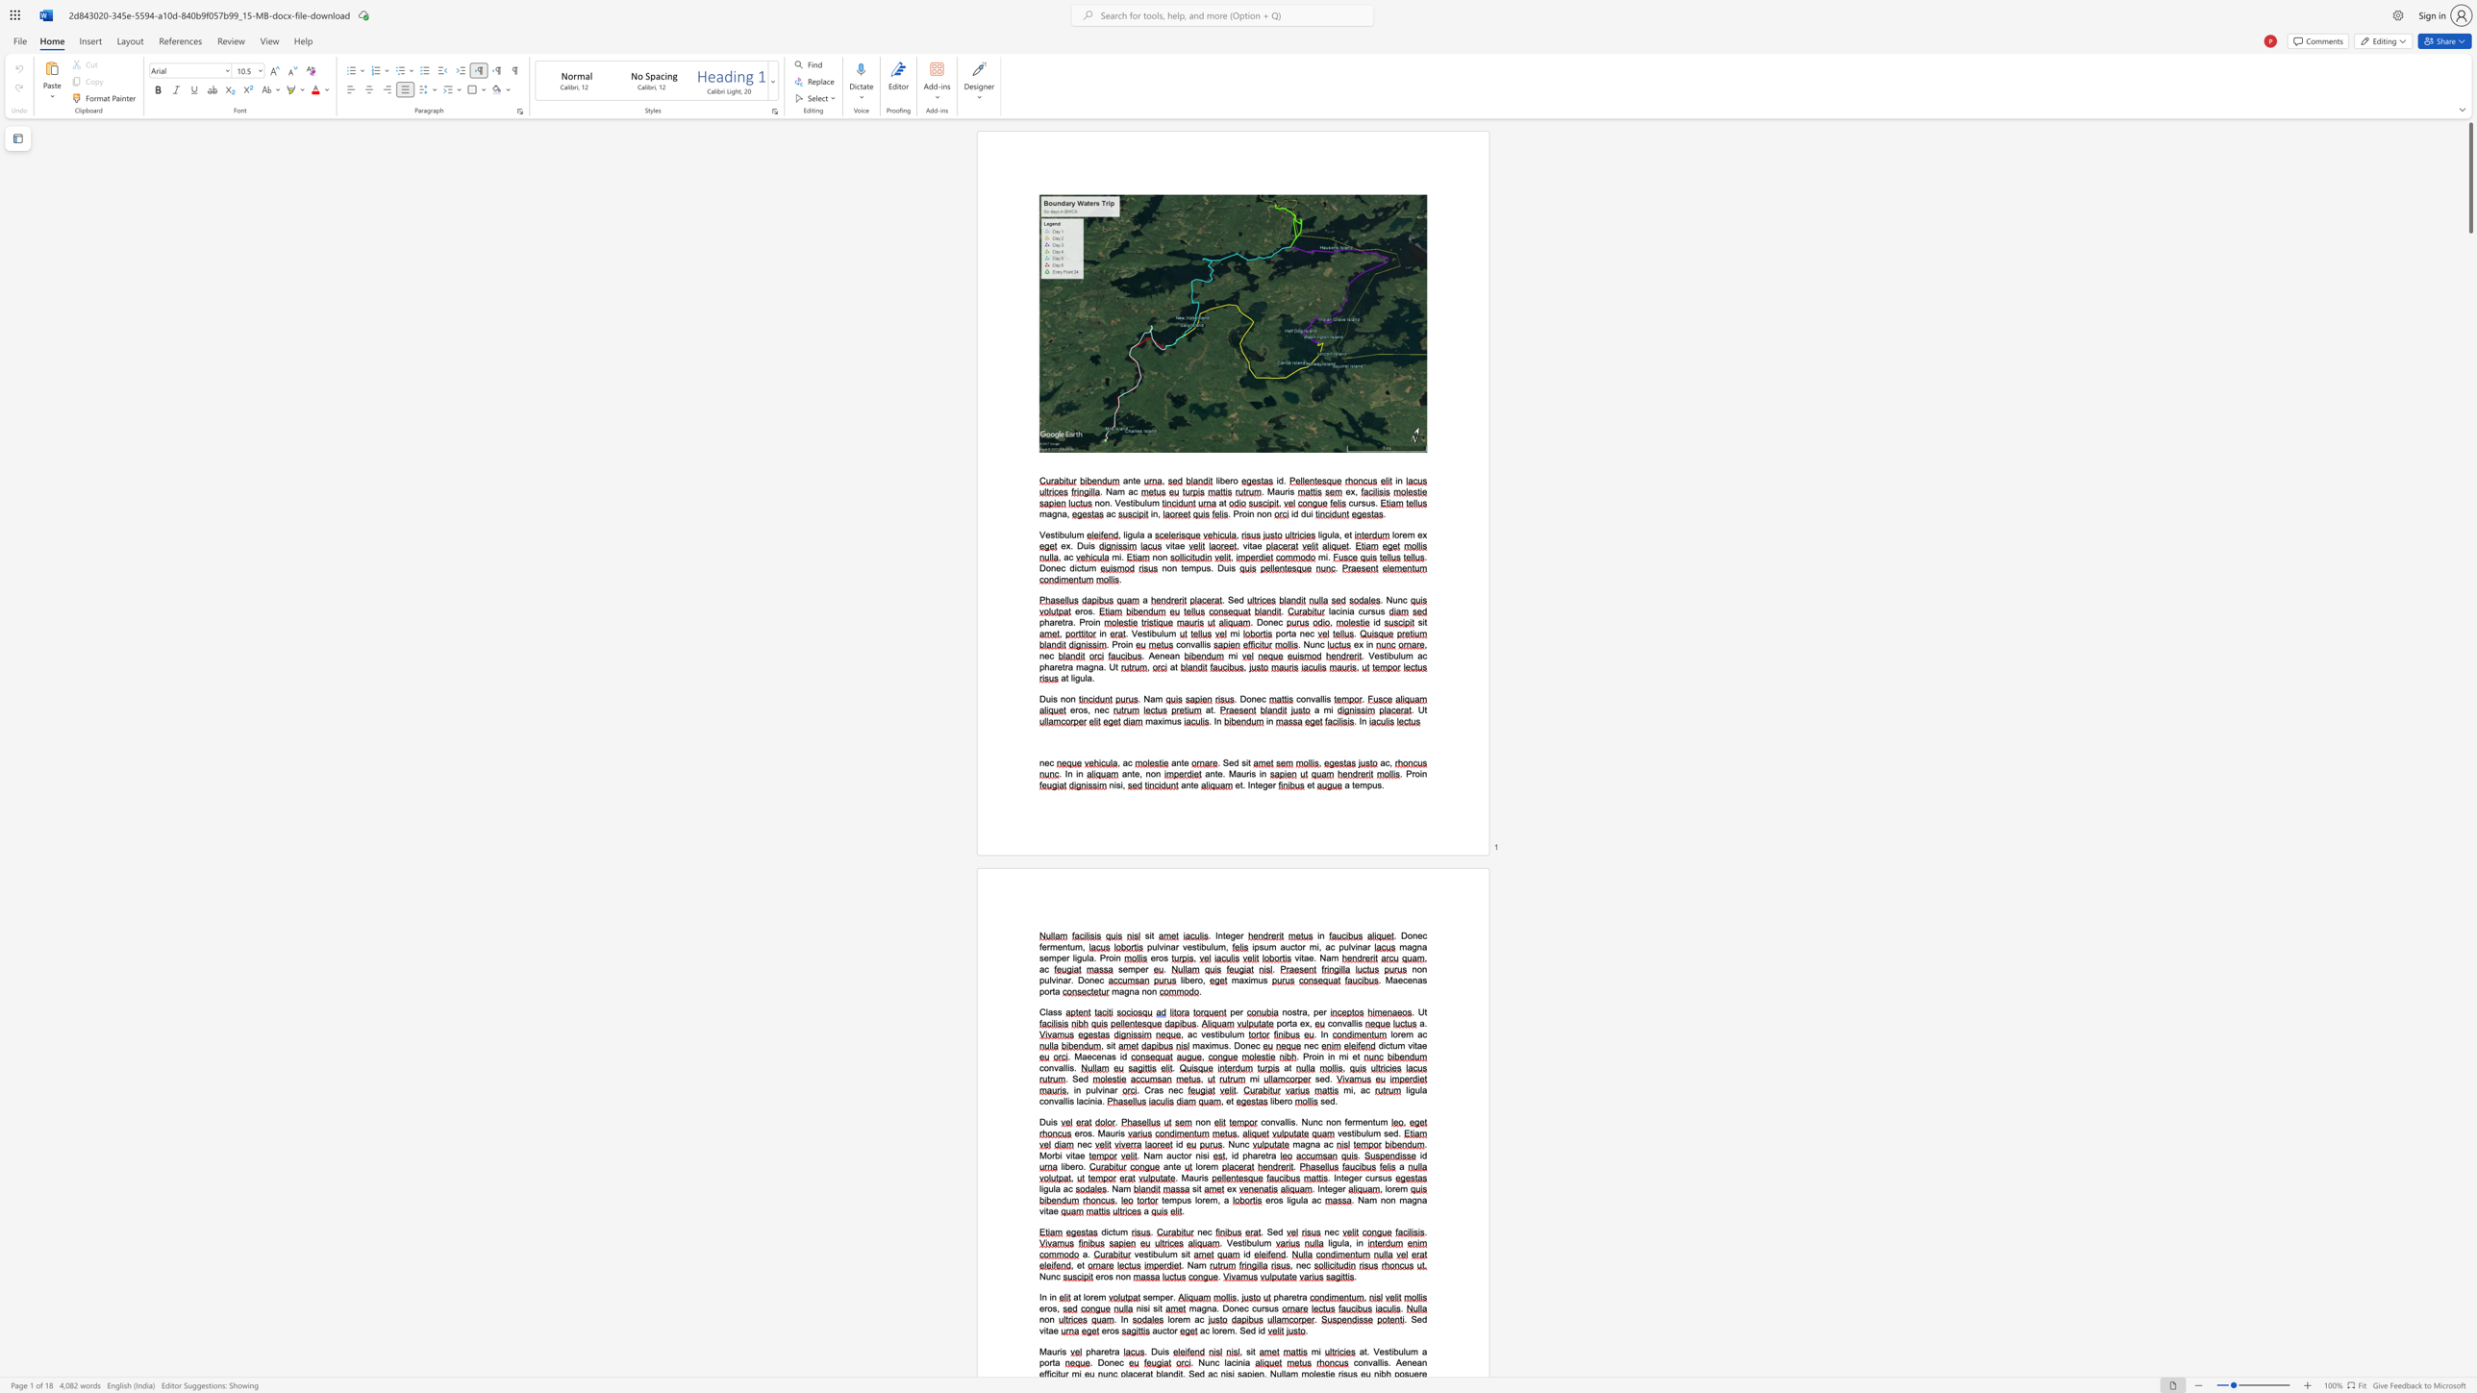 The image size is (2477, 1393). Describe the element at coordinates (1159, 633) in the screenshot. I see `the 1th character "u" in the text` at that location.